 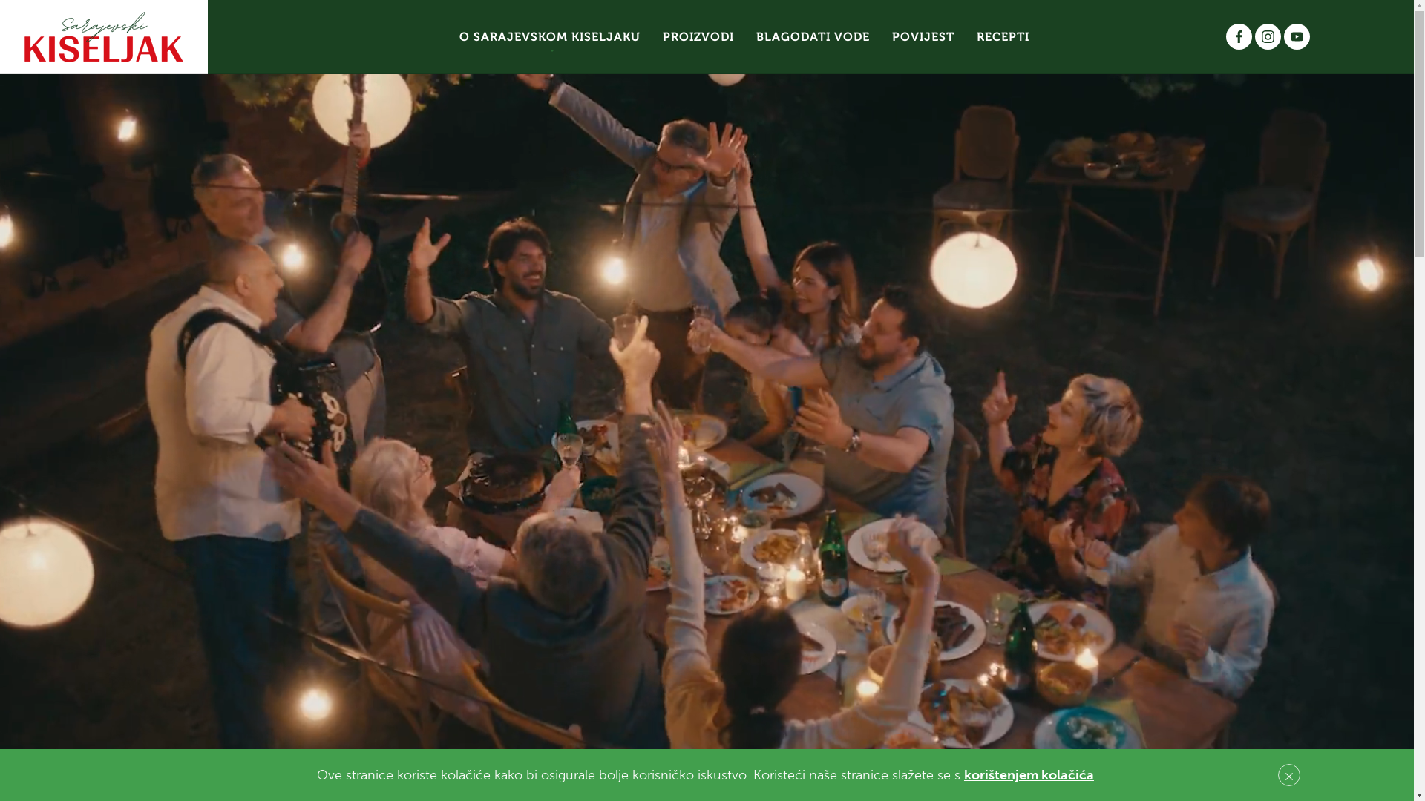 What do you see at coordinates (697, 36) in the screenshot?
I see `'PROIZVODI'` at bounding box center [697, 36].